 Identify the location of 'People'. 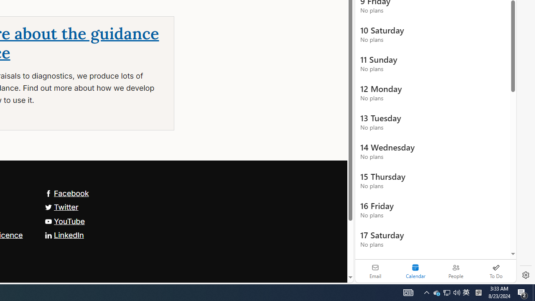
(455, 271).